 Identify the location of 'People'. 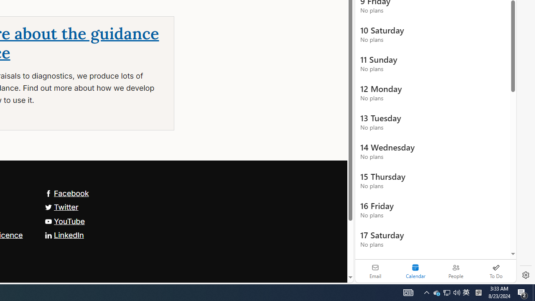
(455, 271).